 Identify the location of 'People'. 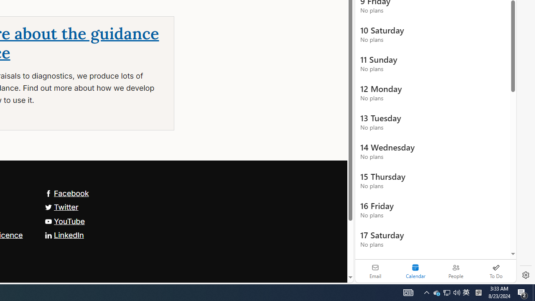
(455, 271).